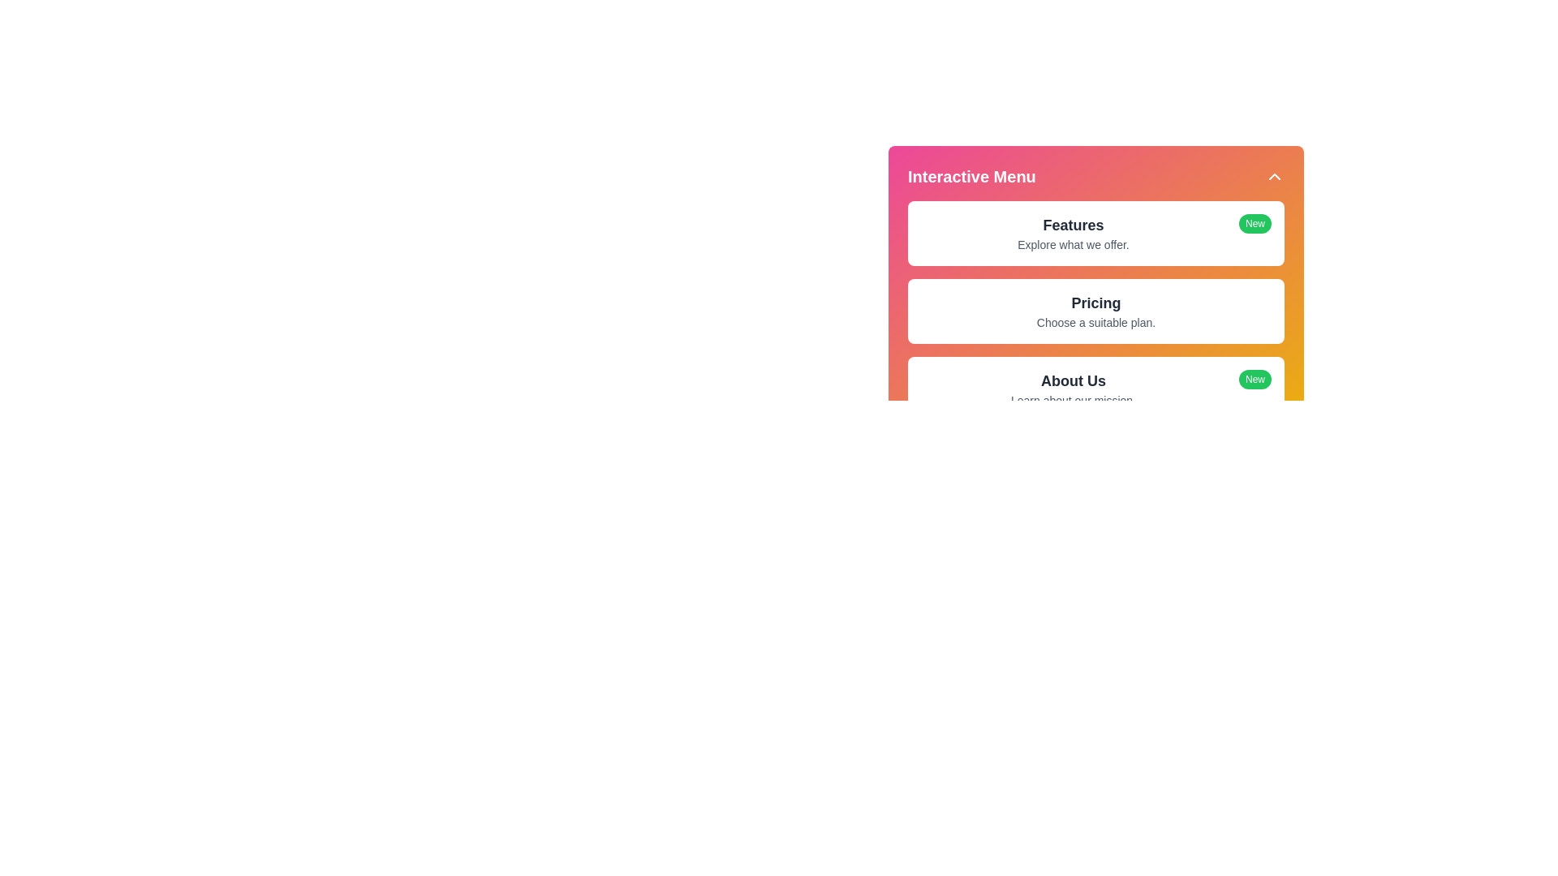 The width and height of the screenshot is (1558, 876). Describe the element at coordinates (1254, 224) in the screenshot. I see `the 'New' indicator for Features to inspect it` at that location.